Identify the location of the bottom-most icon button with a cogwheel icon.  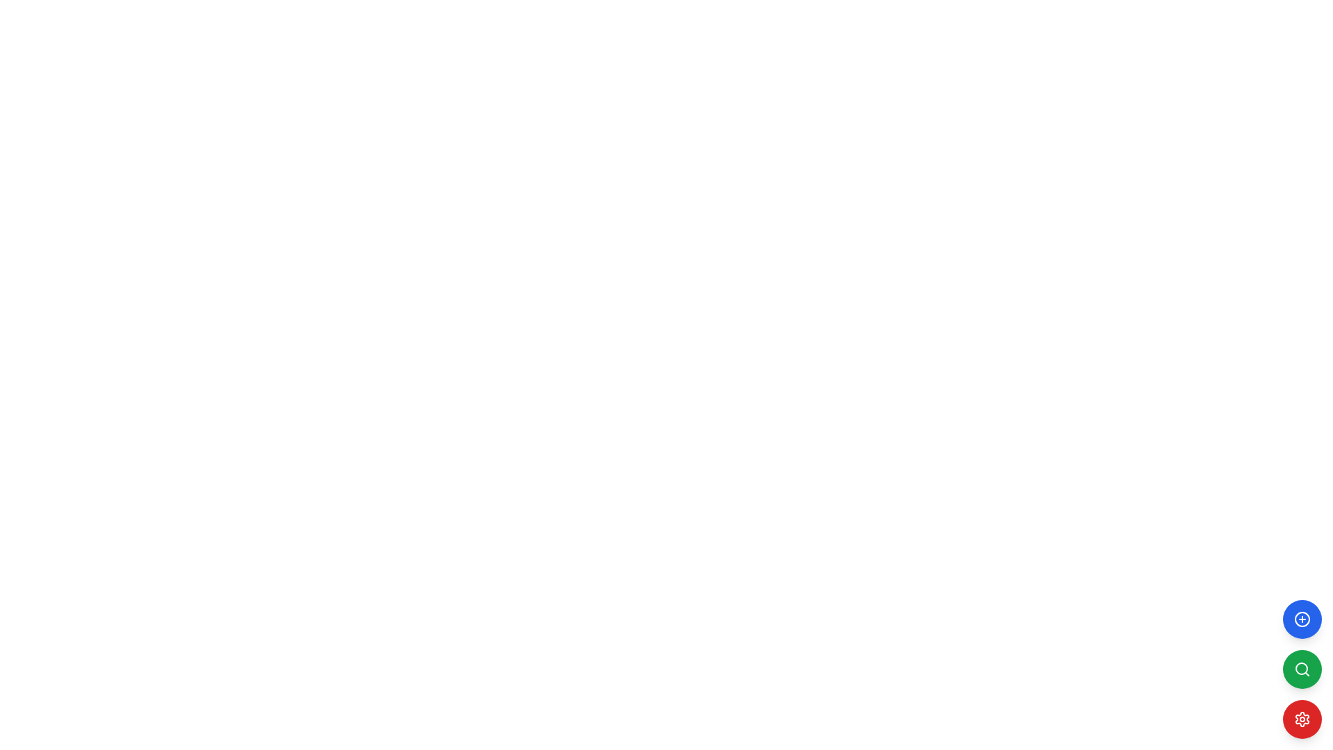
(1302, 719).